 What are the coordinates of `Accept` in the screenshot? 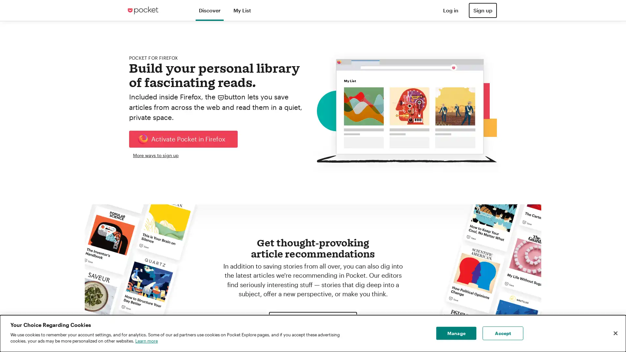 It's located at (502, 333).